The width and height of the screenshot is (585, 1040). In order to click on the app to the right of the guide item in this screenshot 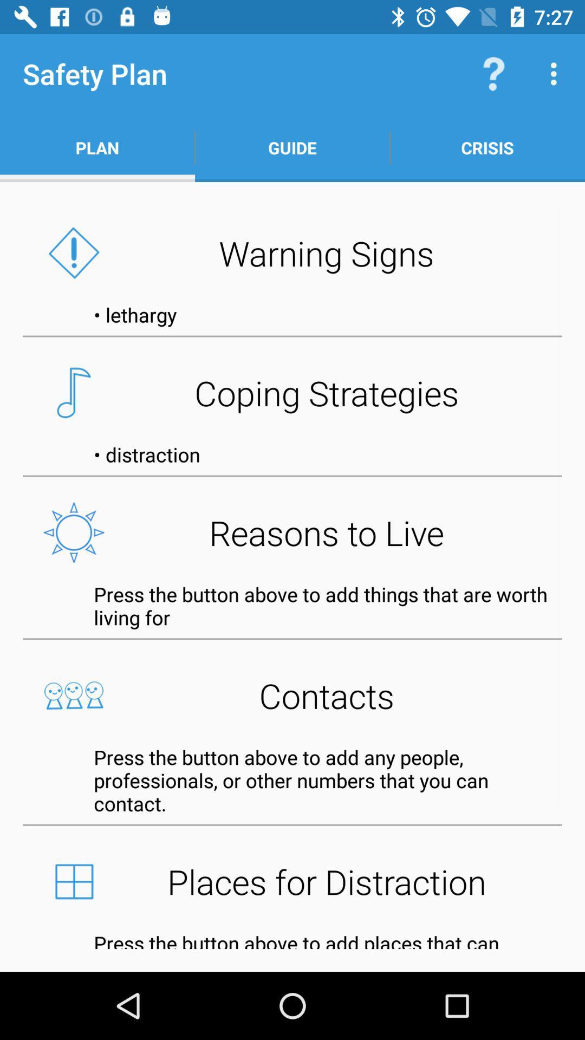, I will do `click(486, 147)`.